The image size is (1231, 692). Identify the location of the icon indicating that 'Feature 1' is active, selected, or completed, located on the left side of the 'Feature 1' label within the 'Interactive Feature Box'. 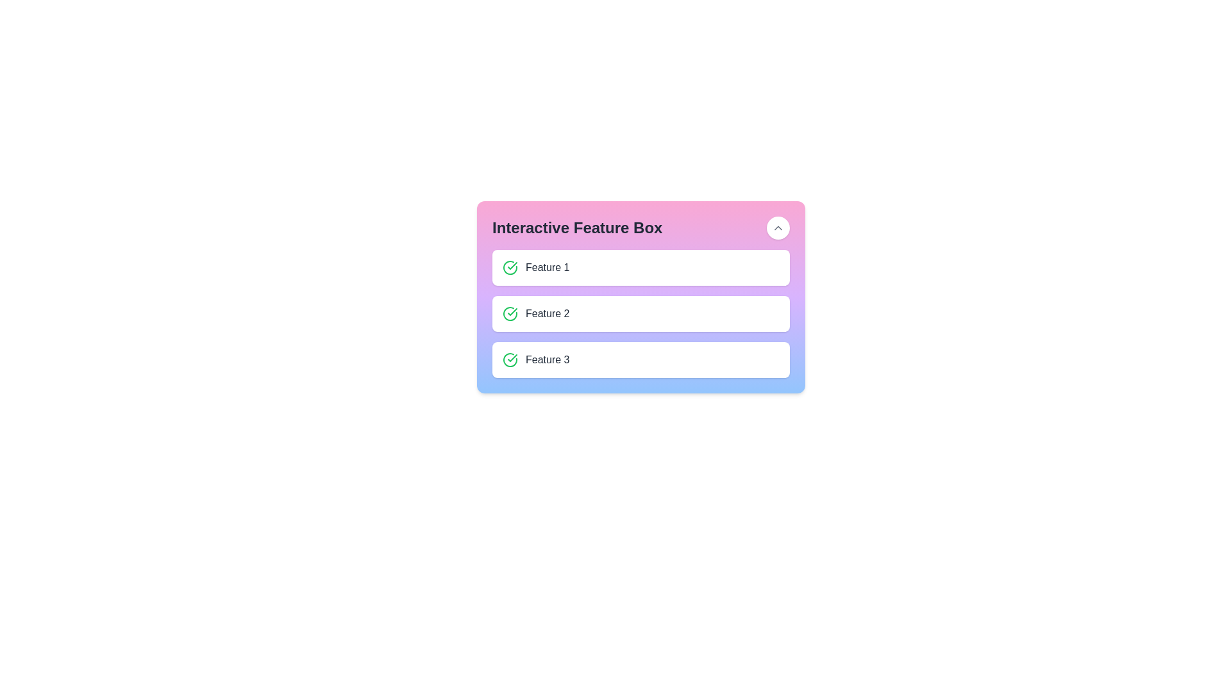
(510, 267).